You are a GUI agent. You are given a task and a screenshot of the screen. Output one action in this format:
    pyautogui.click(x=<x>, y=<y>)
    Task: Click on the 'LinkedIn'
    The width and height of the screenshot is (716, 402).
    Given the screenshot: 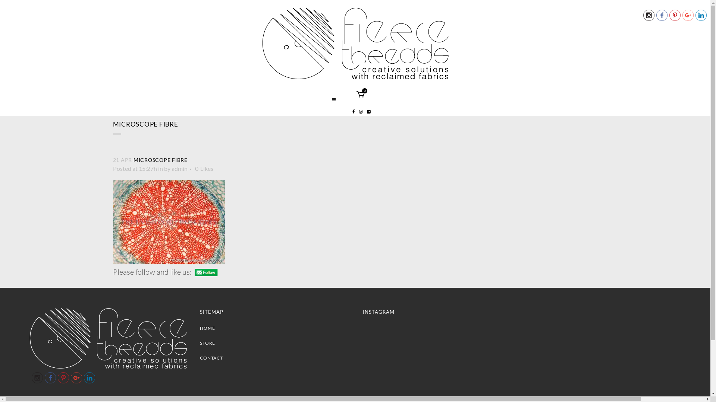 What is the action you would take?
    pyautogui.click(x=701, y=15)
    